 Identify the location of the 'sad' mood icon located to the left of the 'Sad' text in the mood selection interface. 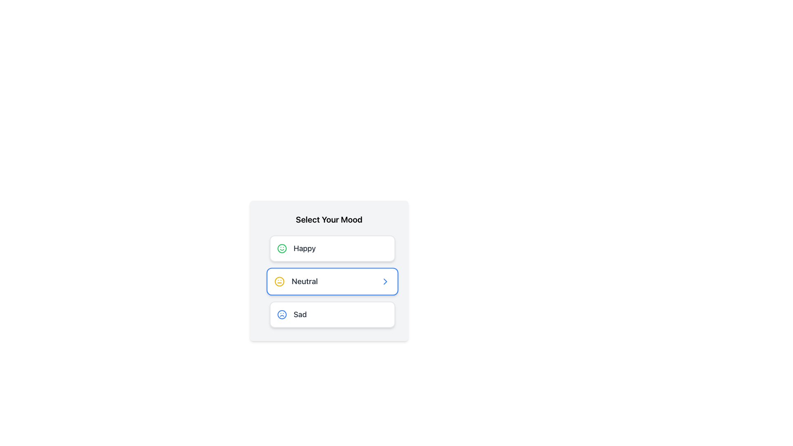
(282, 315).